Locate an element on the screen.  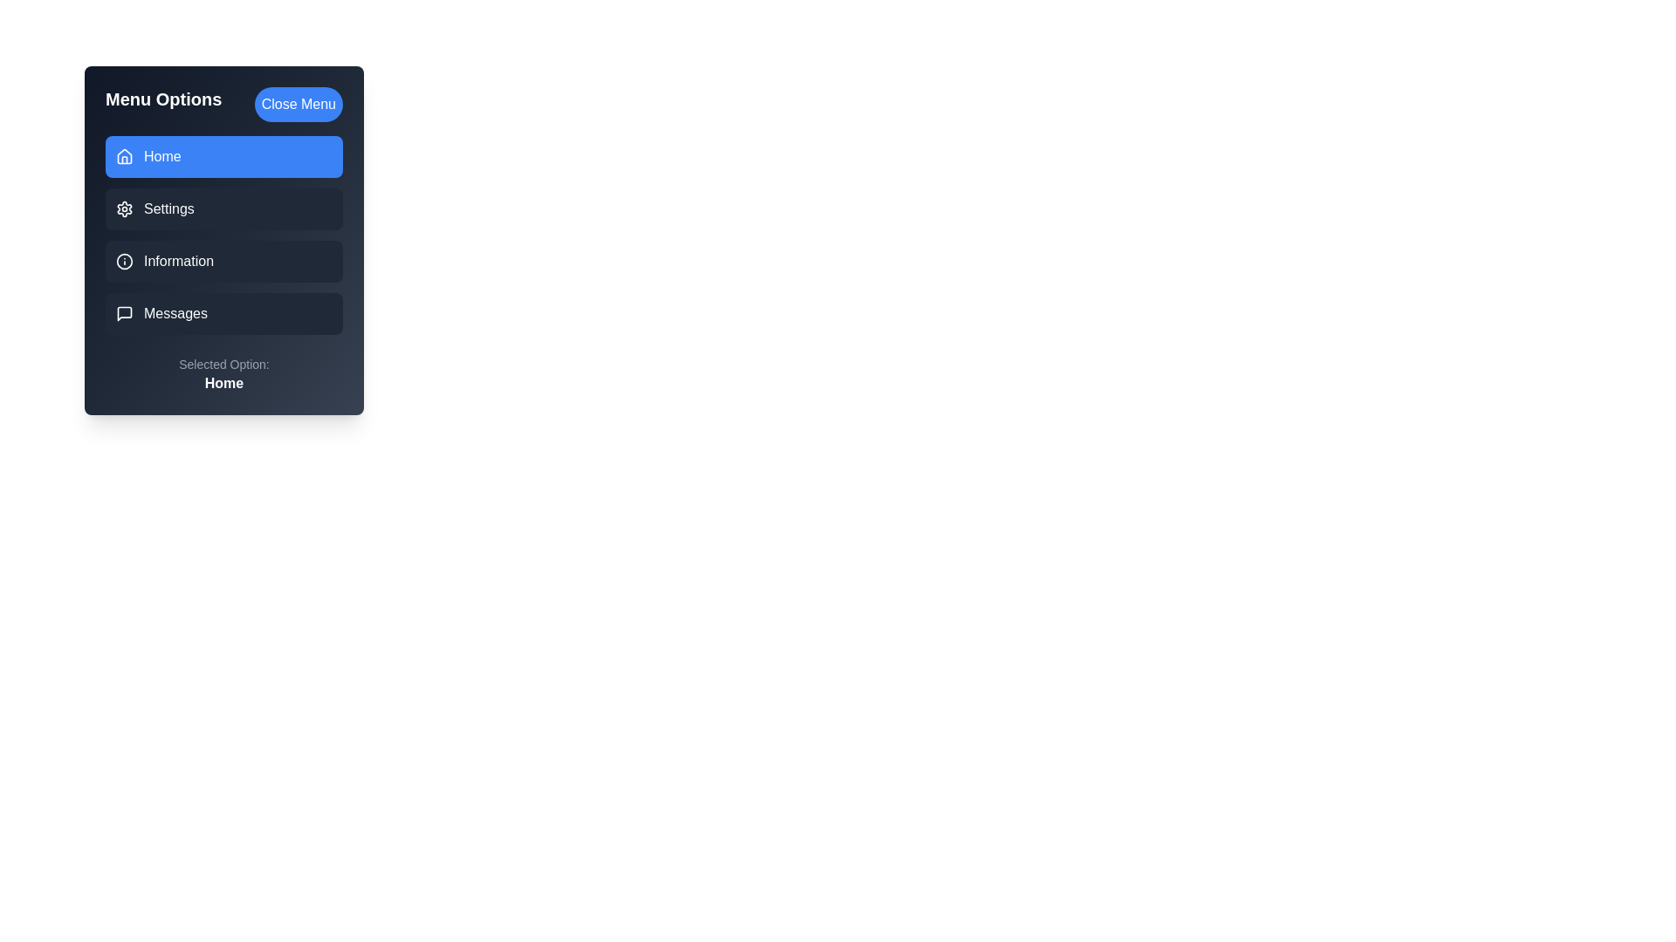
the 'Messages' icon in the vertical menu list, which signifies communication or chat functionality is located at coordinates (124, 312).